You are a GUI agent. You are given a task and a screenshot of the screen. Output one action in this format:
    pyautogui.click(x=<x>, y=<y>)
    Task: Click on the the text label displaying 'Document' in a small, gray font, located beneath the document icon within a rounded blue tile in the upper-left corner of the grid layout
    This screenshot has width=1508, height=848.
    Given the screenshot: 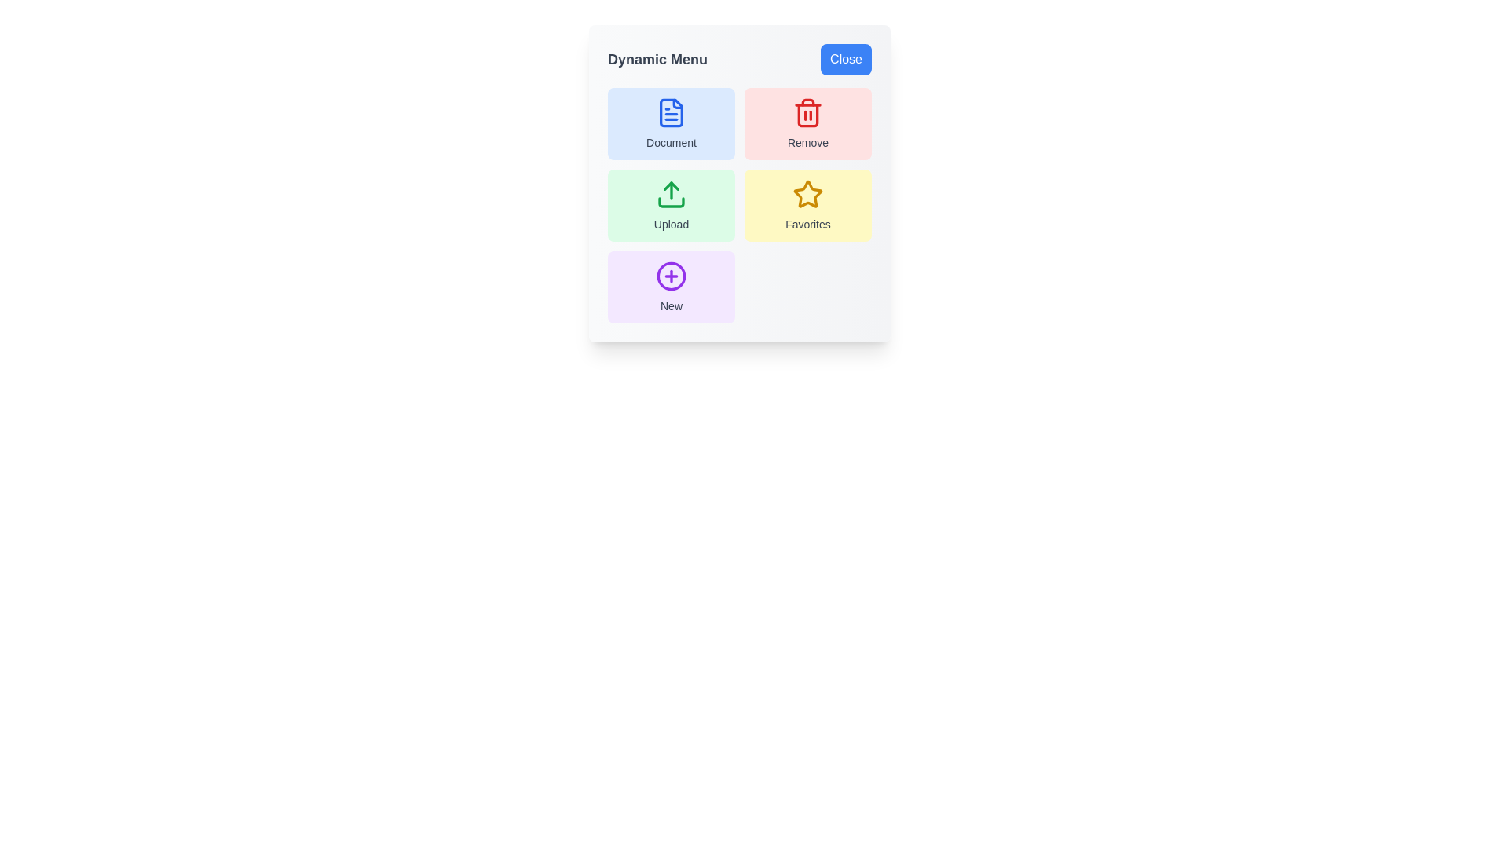 What is the action you would take?
    pyautogui.click(x=671, y=142)
    